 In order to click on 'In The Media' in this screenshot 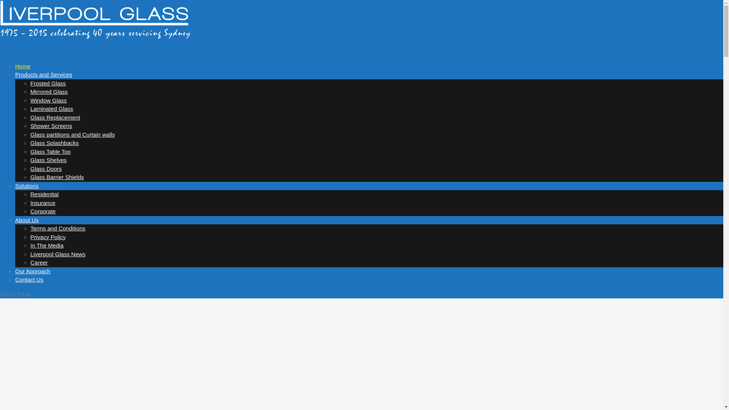, I will do `click(46, 245)`.